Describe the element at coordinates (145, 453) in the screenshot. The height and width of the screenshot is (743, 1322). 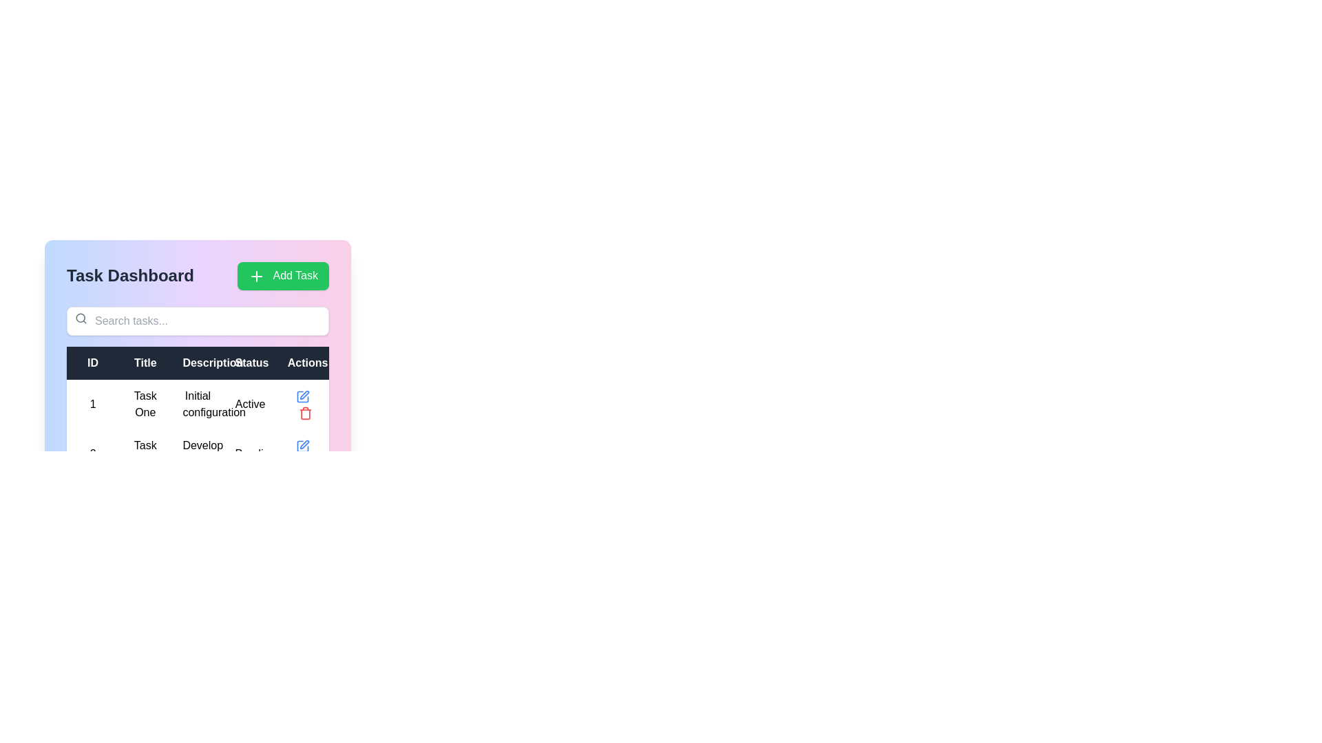
I see `the label that serves as a title for the associated task, positioned horizontally between '2' and 'Develop module'` at that location.